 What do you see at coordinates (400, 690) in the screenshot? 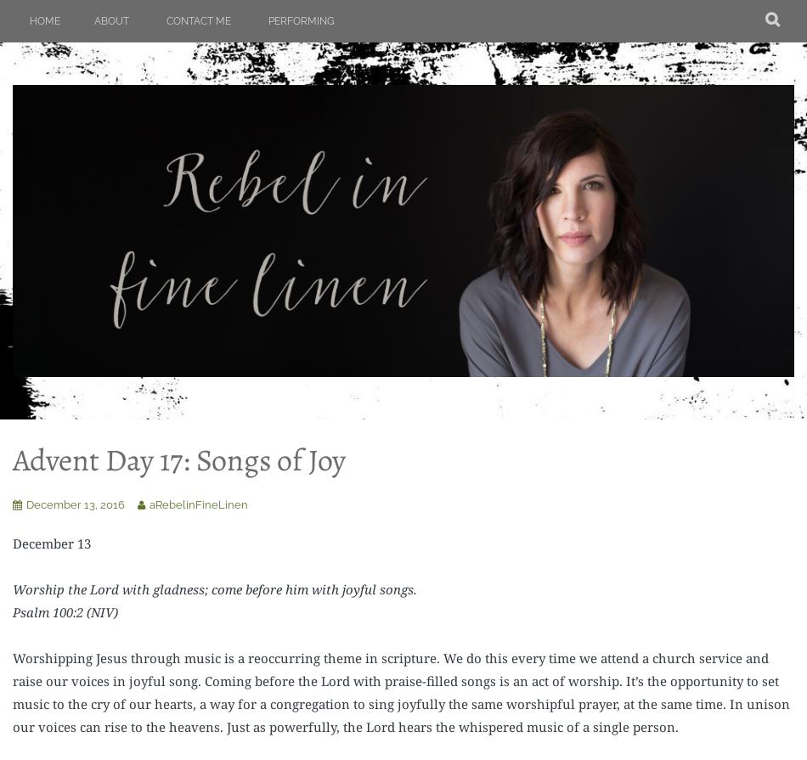
I see `'Worshipping Jesus through music is a reoccurring theme in scripture. We do this every time we attend a church service and raise our voices in joyful song. Coming before the Lord with praise-filled songs is an act of worship. It’s the opportunity to set music to the cry of our hearts, a way for a congregation to sing joyfully the same worshipful prayer, at the same time. In unison our voices can rise to the heavens. Just as powerfully, the Lord hears the whispered music of a single person.'` at bounding box center [400, 690].